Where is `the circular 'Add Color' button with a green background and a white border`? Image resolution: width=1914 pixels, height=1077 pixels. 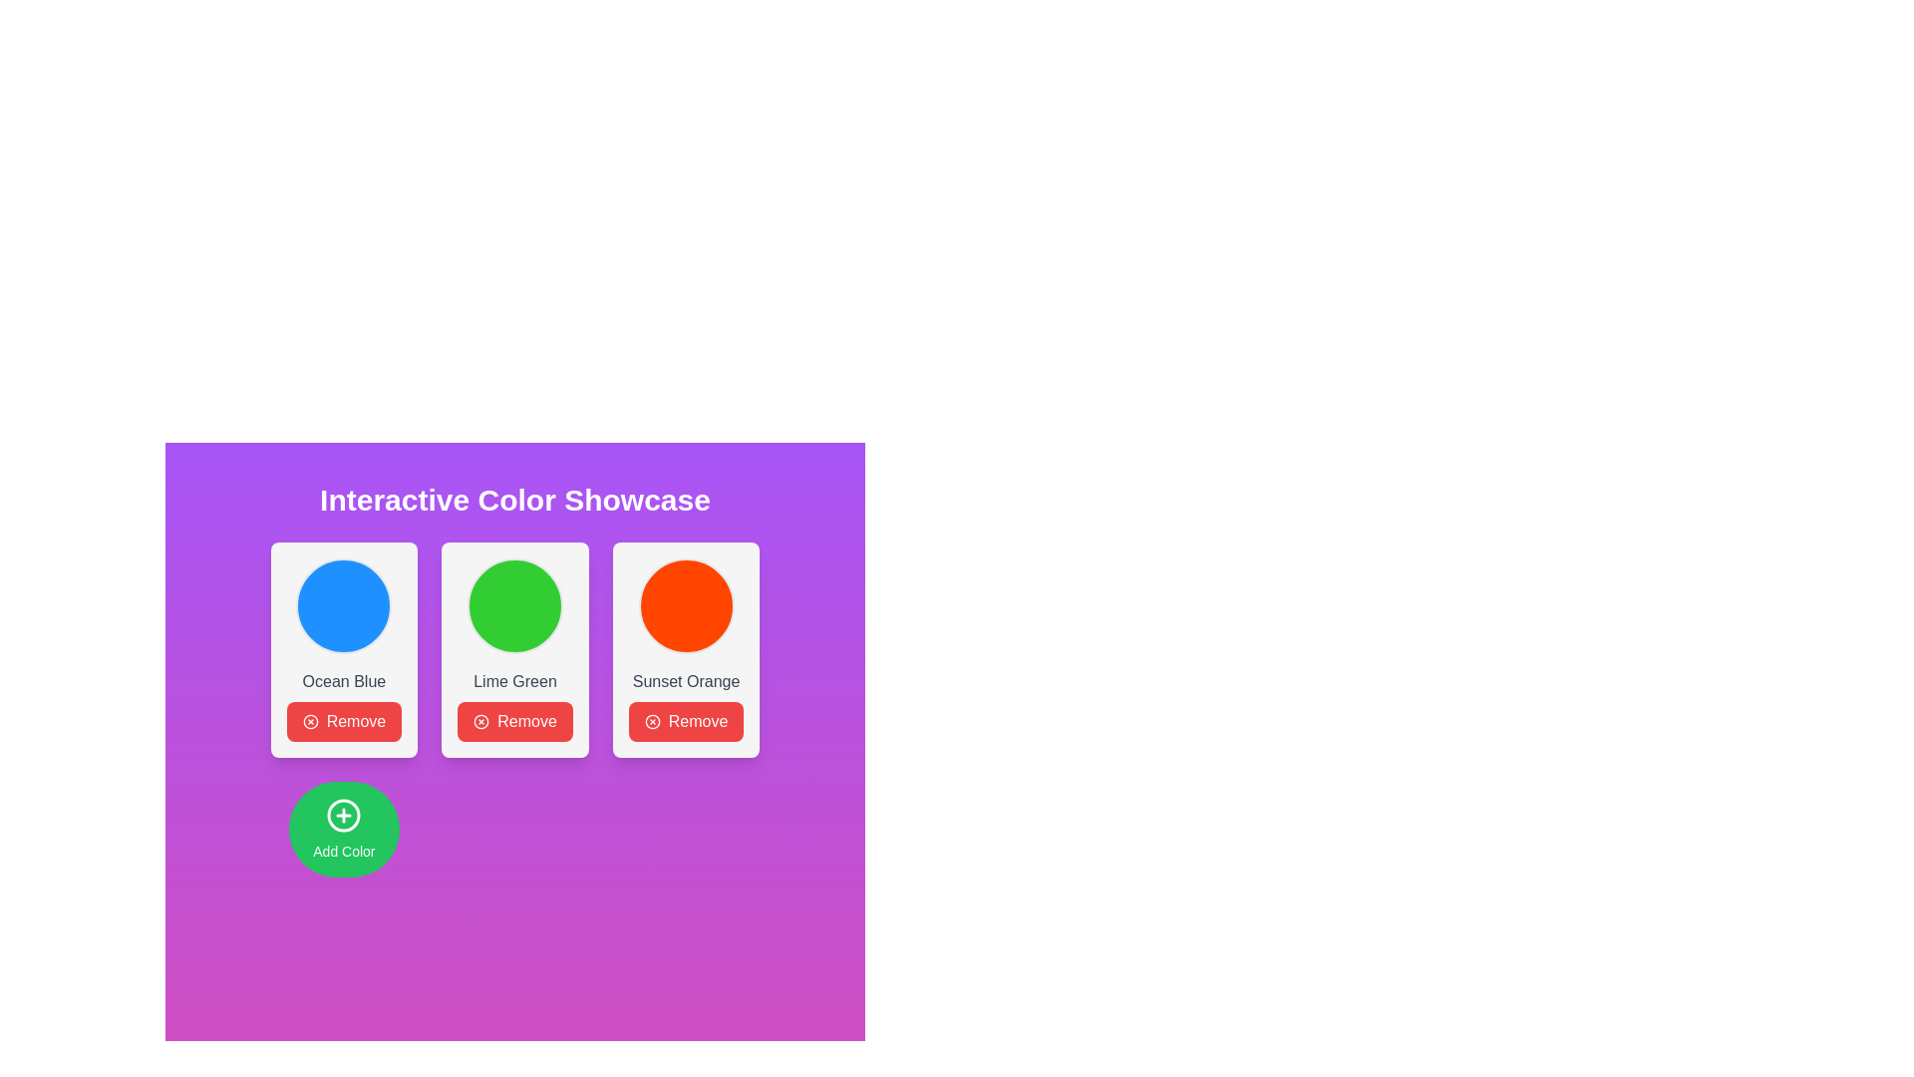 the circular 'Add Color' button with a green background and a white border is located at coordinates (344, 830).